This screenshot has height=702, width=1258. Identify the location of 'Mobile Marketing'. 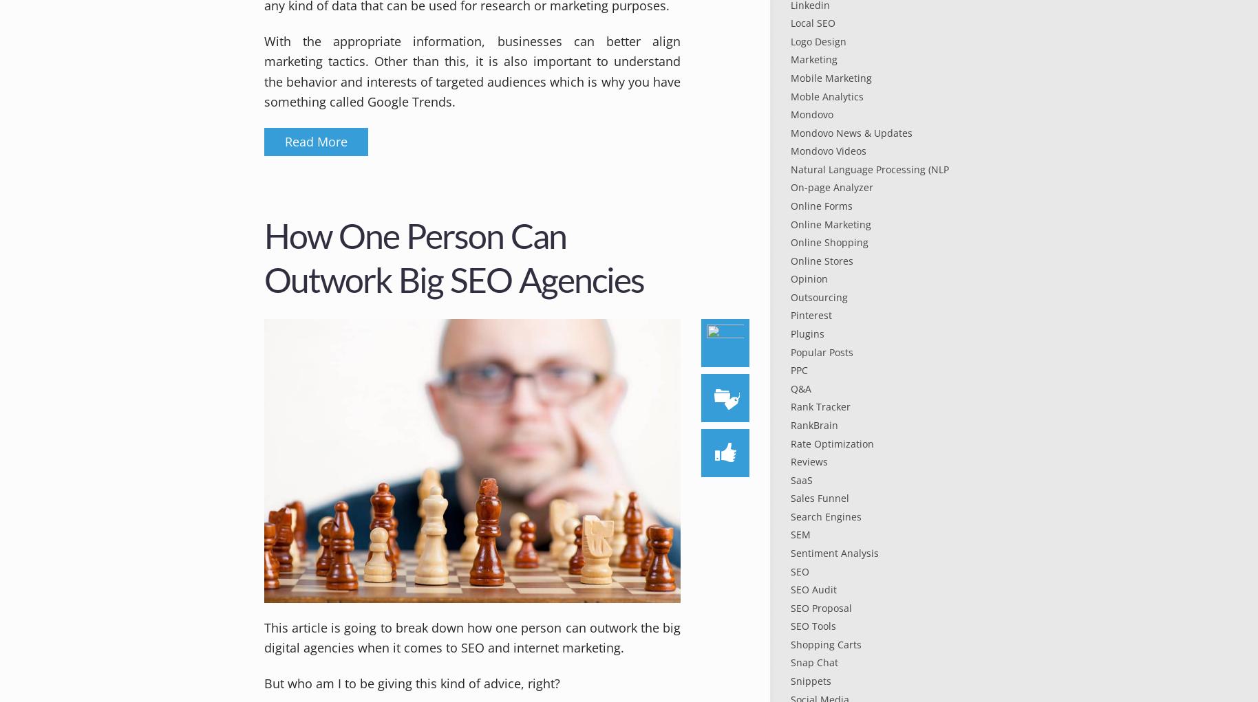
(830, 76).